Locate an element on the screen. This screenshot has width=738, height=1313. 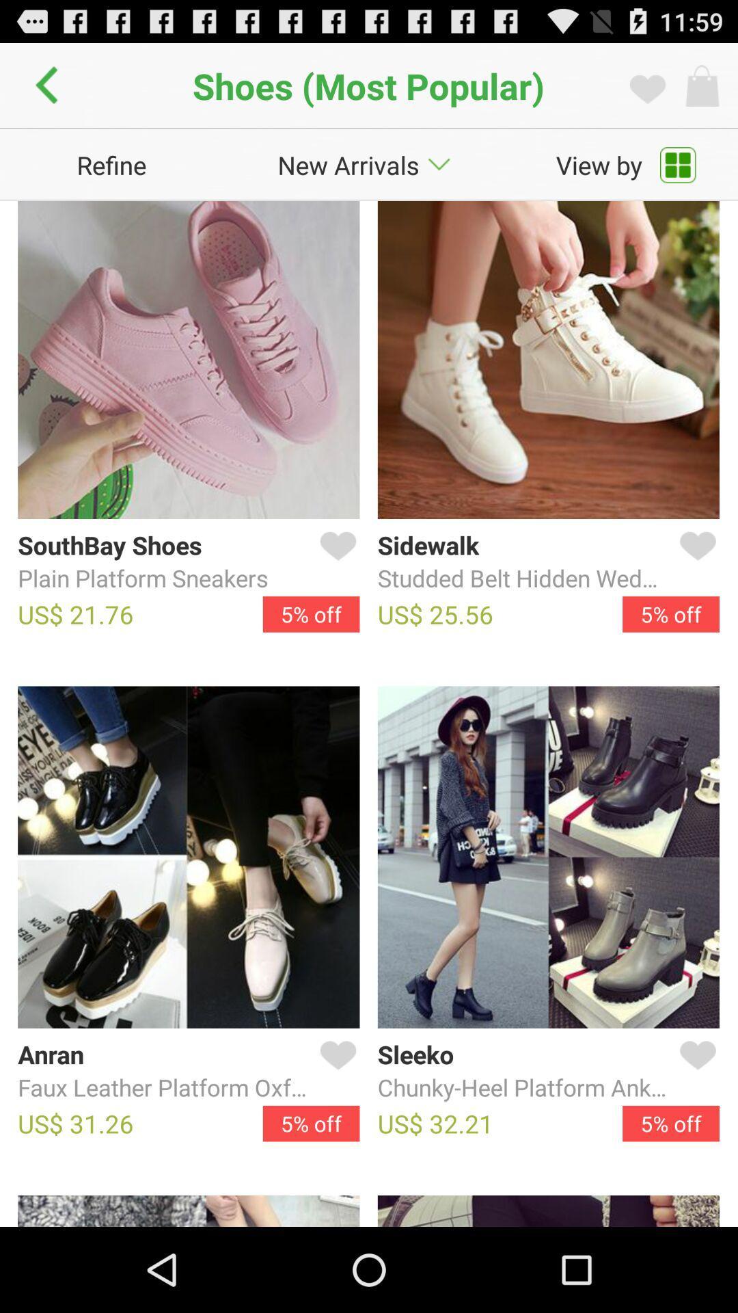
like a product is located at coordinates (335, 1071).